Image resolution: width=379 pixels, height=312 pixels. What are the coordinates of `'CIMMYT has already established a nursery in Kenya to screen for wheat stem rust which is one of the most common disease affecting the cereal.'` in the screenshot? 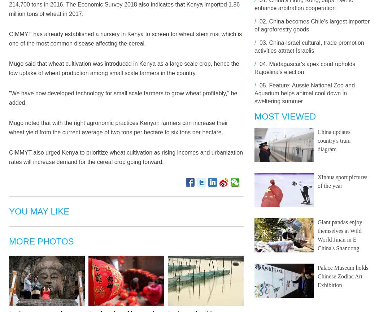 It's located at (125, 39).